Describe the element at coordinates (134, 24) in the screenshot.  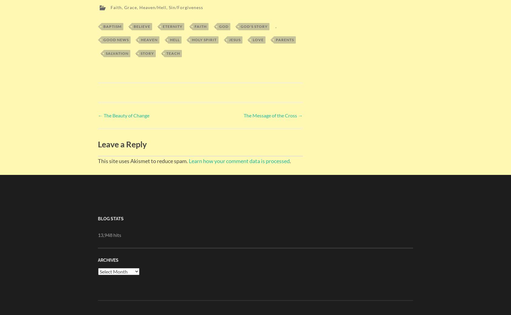
I see `'Believe'` at that location.